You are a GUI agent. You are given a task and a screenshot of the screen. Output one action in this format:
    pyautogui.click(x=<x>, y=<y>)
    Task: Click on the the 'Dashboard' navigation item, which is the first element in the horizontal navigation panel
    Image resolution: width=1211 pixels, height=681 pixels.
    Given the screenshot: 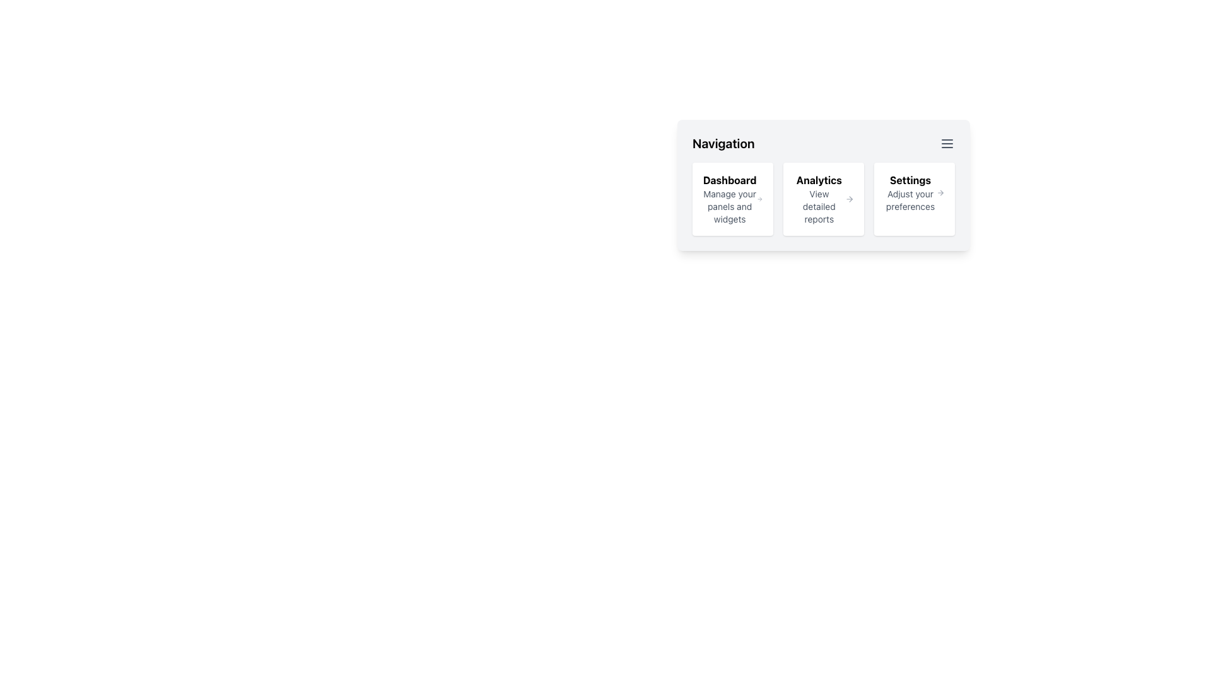 What is the action you would take?
    pyautogui.click(x=730, y=199)
    